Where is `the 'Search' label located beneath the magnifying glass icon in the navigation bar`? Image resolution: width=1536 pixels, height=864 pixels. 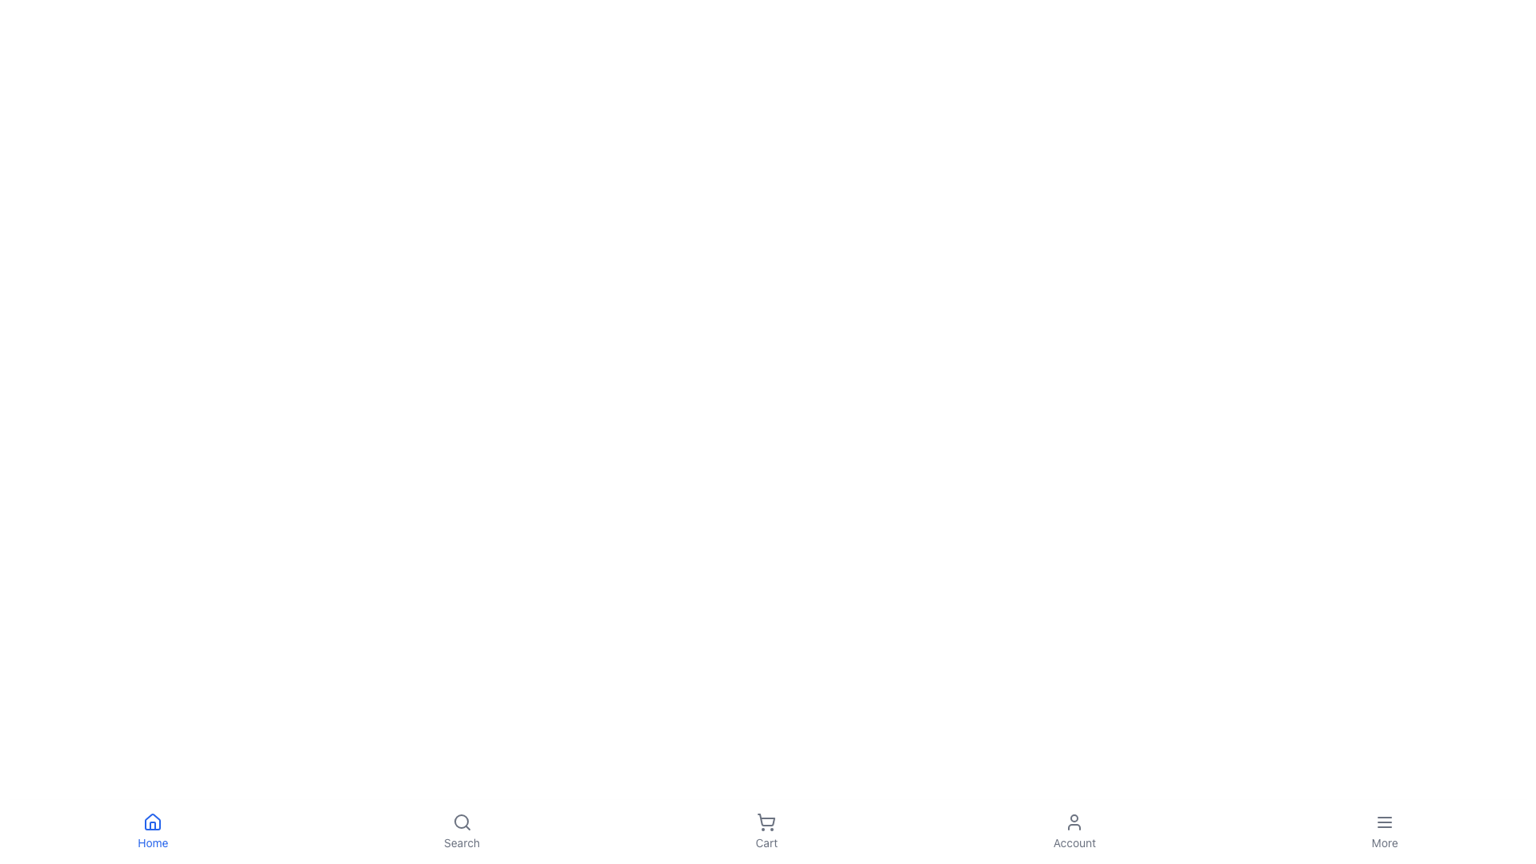
the 'Search' label located beneath the magnifying glass icon in the navigation bar is located at coordinates (461, 842).